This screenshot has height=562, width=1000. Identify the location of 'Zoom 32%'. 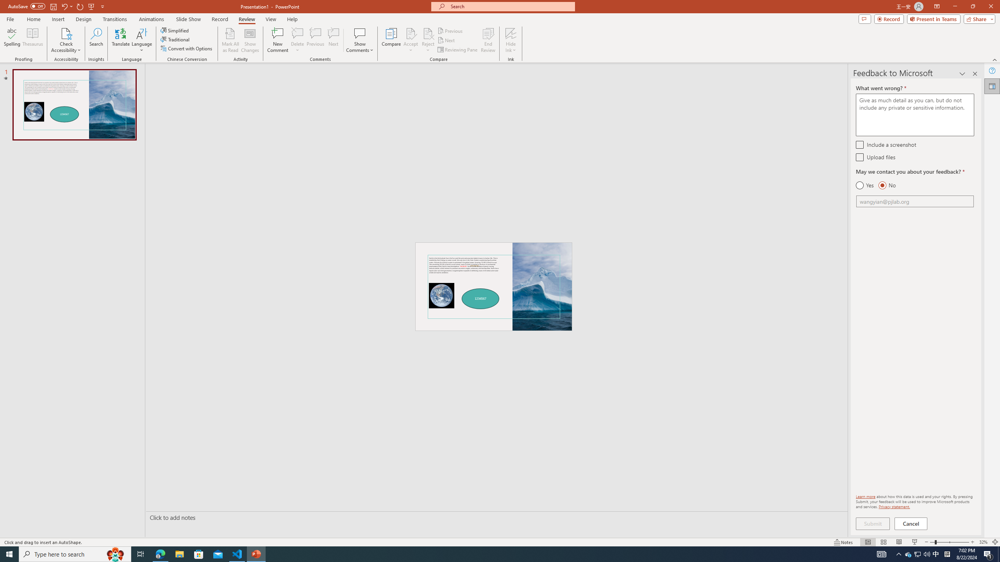
(983, 542).